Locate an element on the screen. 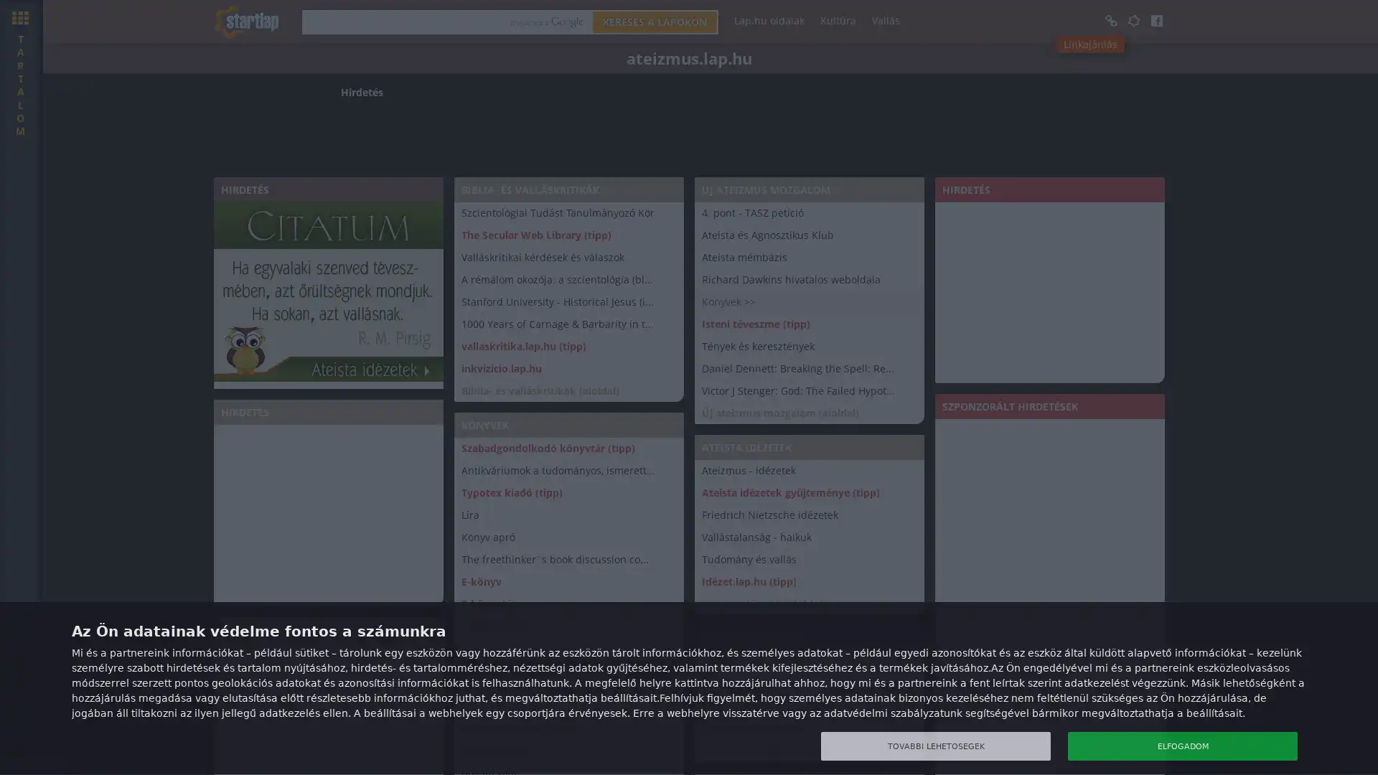 The image size is (1378, 775). ELFOGADOM is located at coordinates (1182, 746).